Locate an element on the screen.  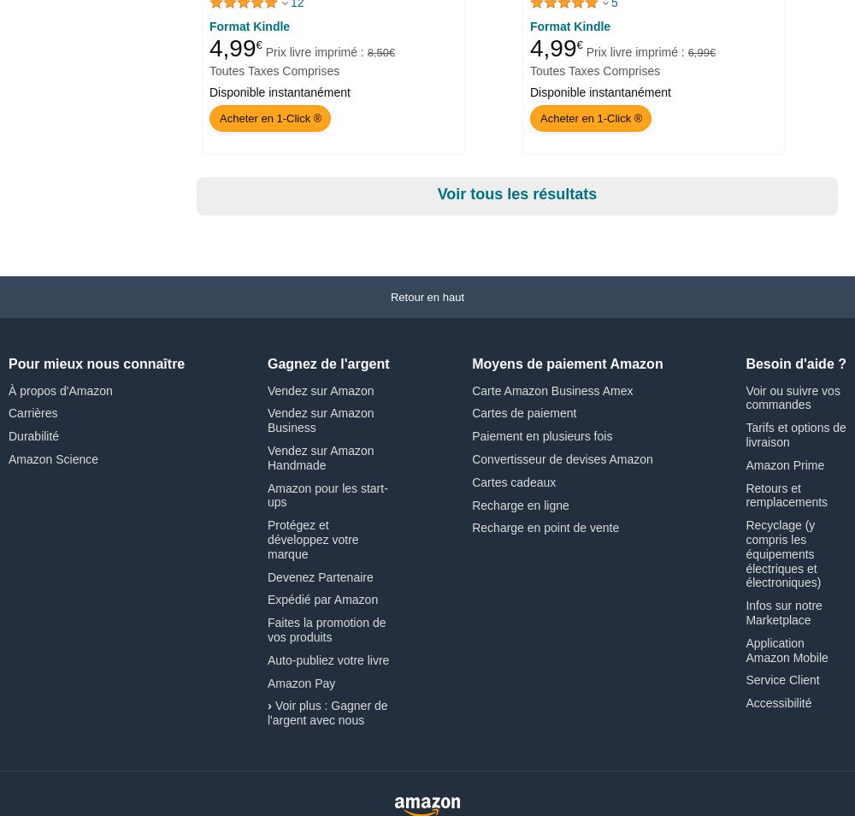
'Vendez sur Amazon Business' is located at coordinates (319, 419).